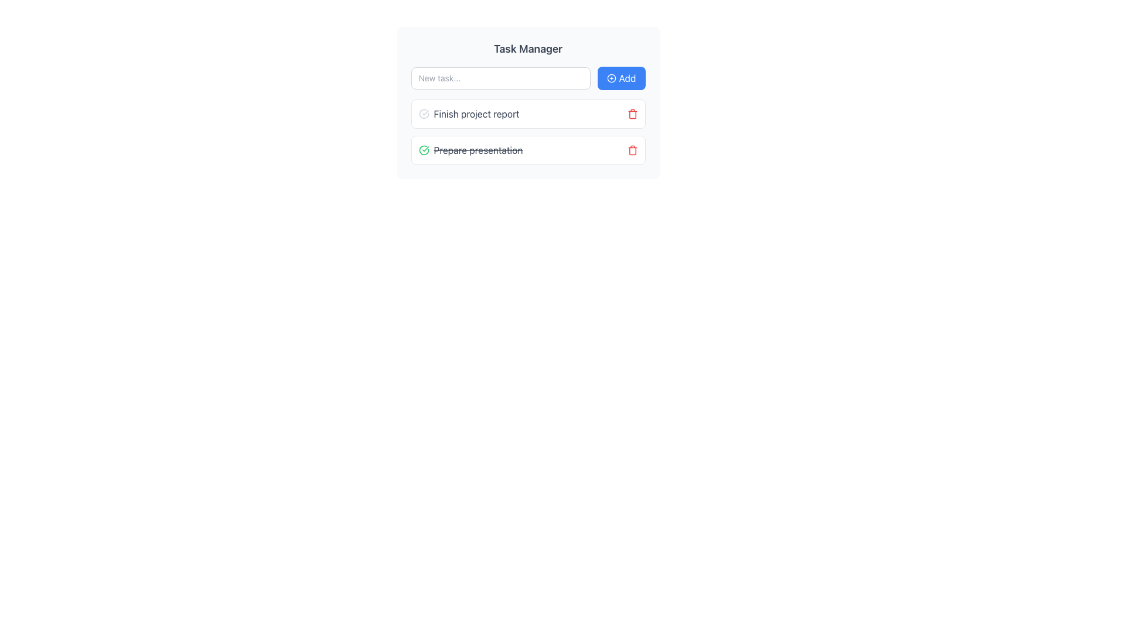  What do you see at coordinates (632, 114) in the screenshot?
I see `the red trashcan icon` at bounding box center [632, 114].